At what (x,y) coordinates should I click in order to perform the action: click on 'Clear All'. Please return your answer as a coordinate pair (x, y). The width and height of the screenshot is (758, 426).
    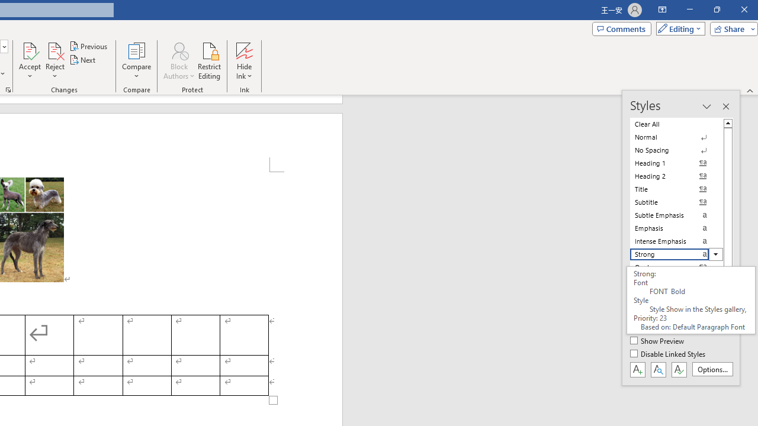
    Looking at the image, I should click on (676, 124).